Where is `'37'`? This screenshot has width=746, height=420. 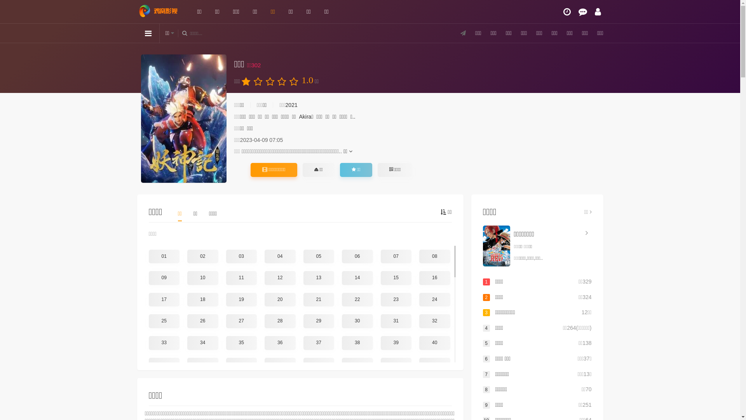
'37' is located at coordinates (302, 343).